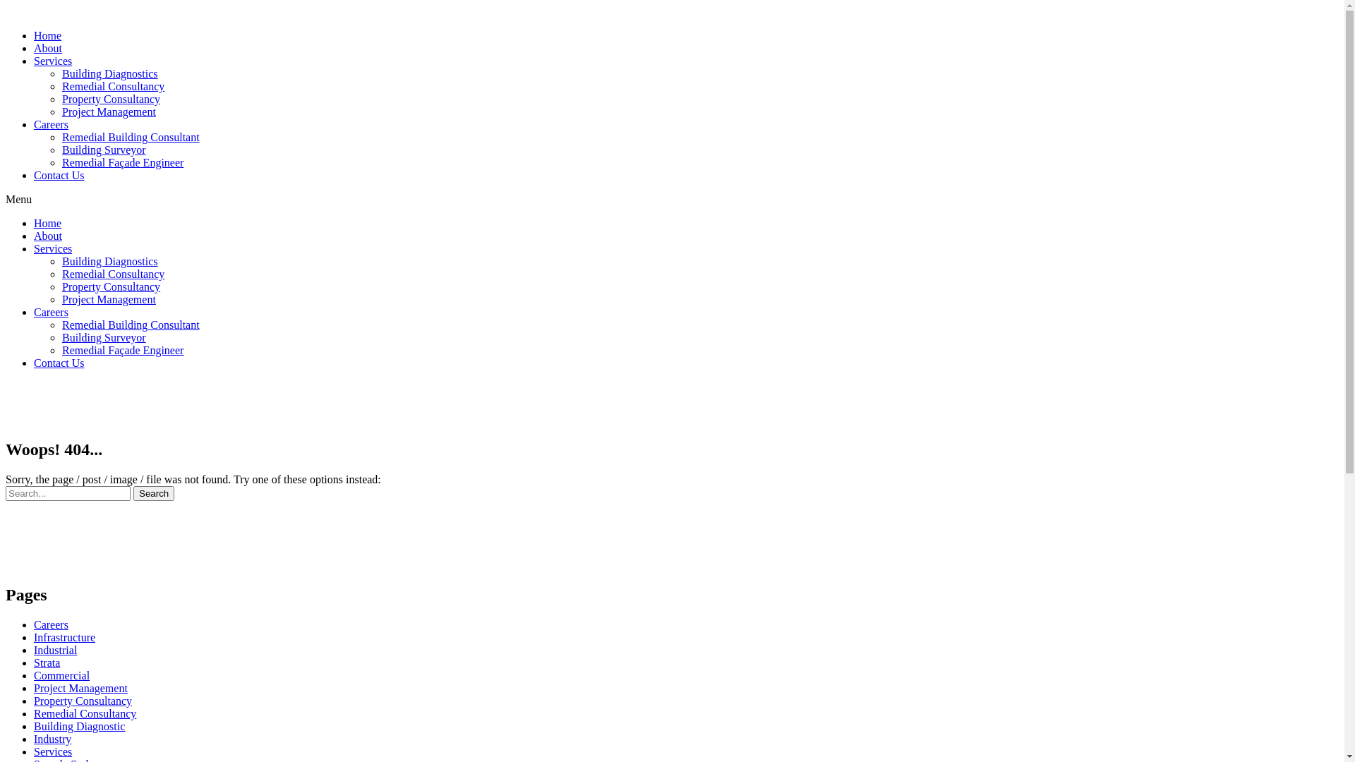  What do you see at coordinates (108, 298) in the screenshot?
I see `'Project Management'` at bounding box center [108, 298].